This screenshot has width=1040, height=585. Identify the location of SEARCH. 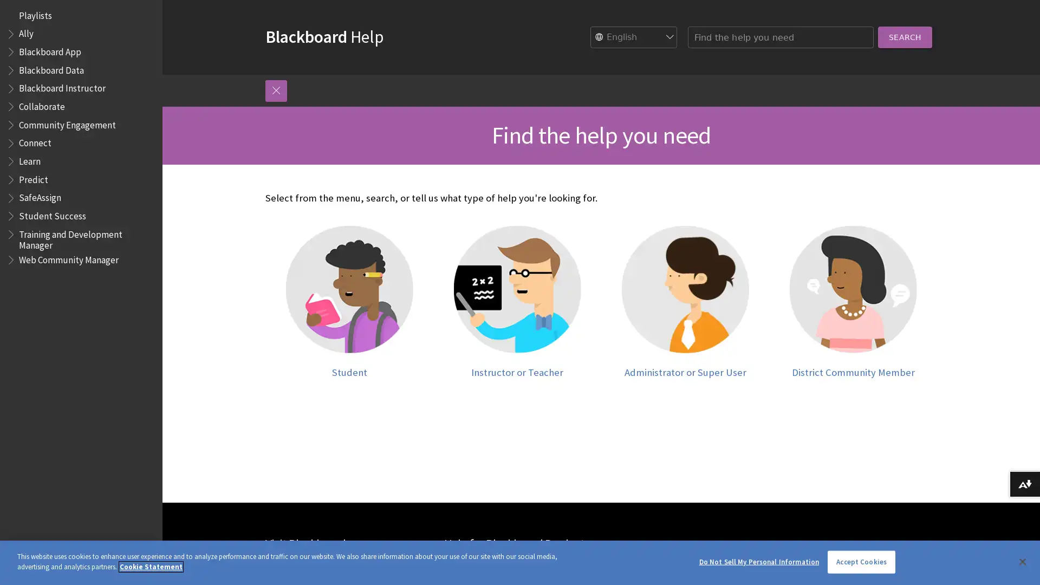
(823, 36).